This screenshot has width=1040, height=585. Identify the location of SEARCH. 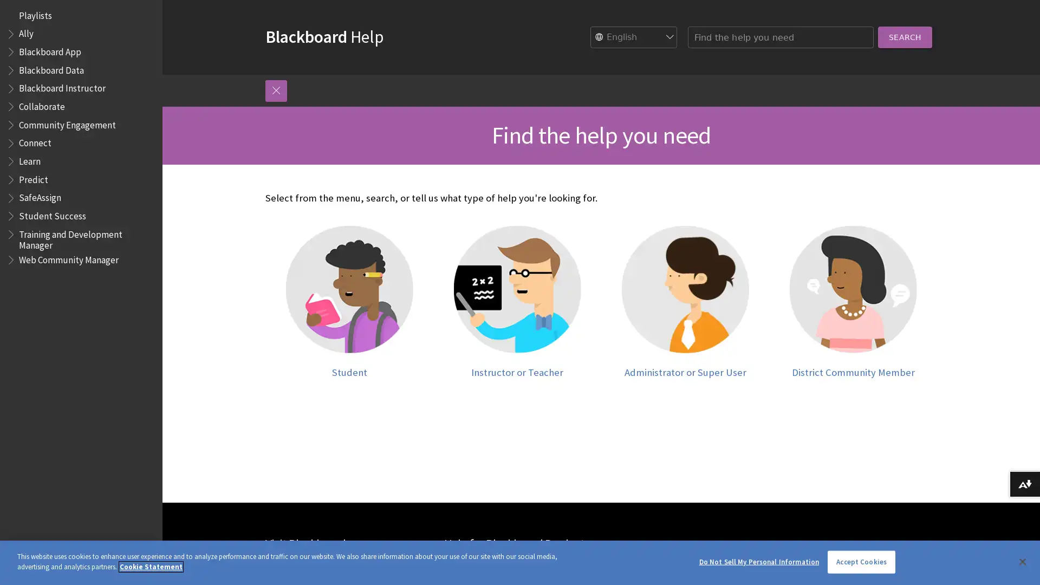
(823, 36).